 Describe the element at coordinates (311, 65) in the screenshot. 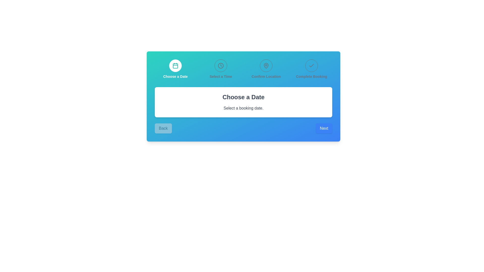

I see `the Indicator icon with a checkmark symbol inside a circular gray frame, located in the top-right section under the label 'Complete Booking'` at that location.